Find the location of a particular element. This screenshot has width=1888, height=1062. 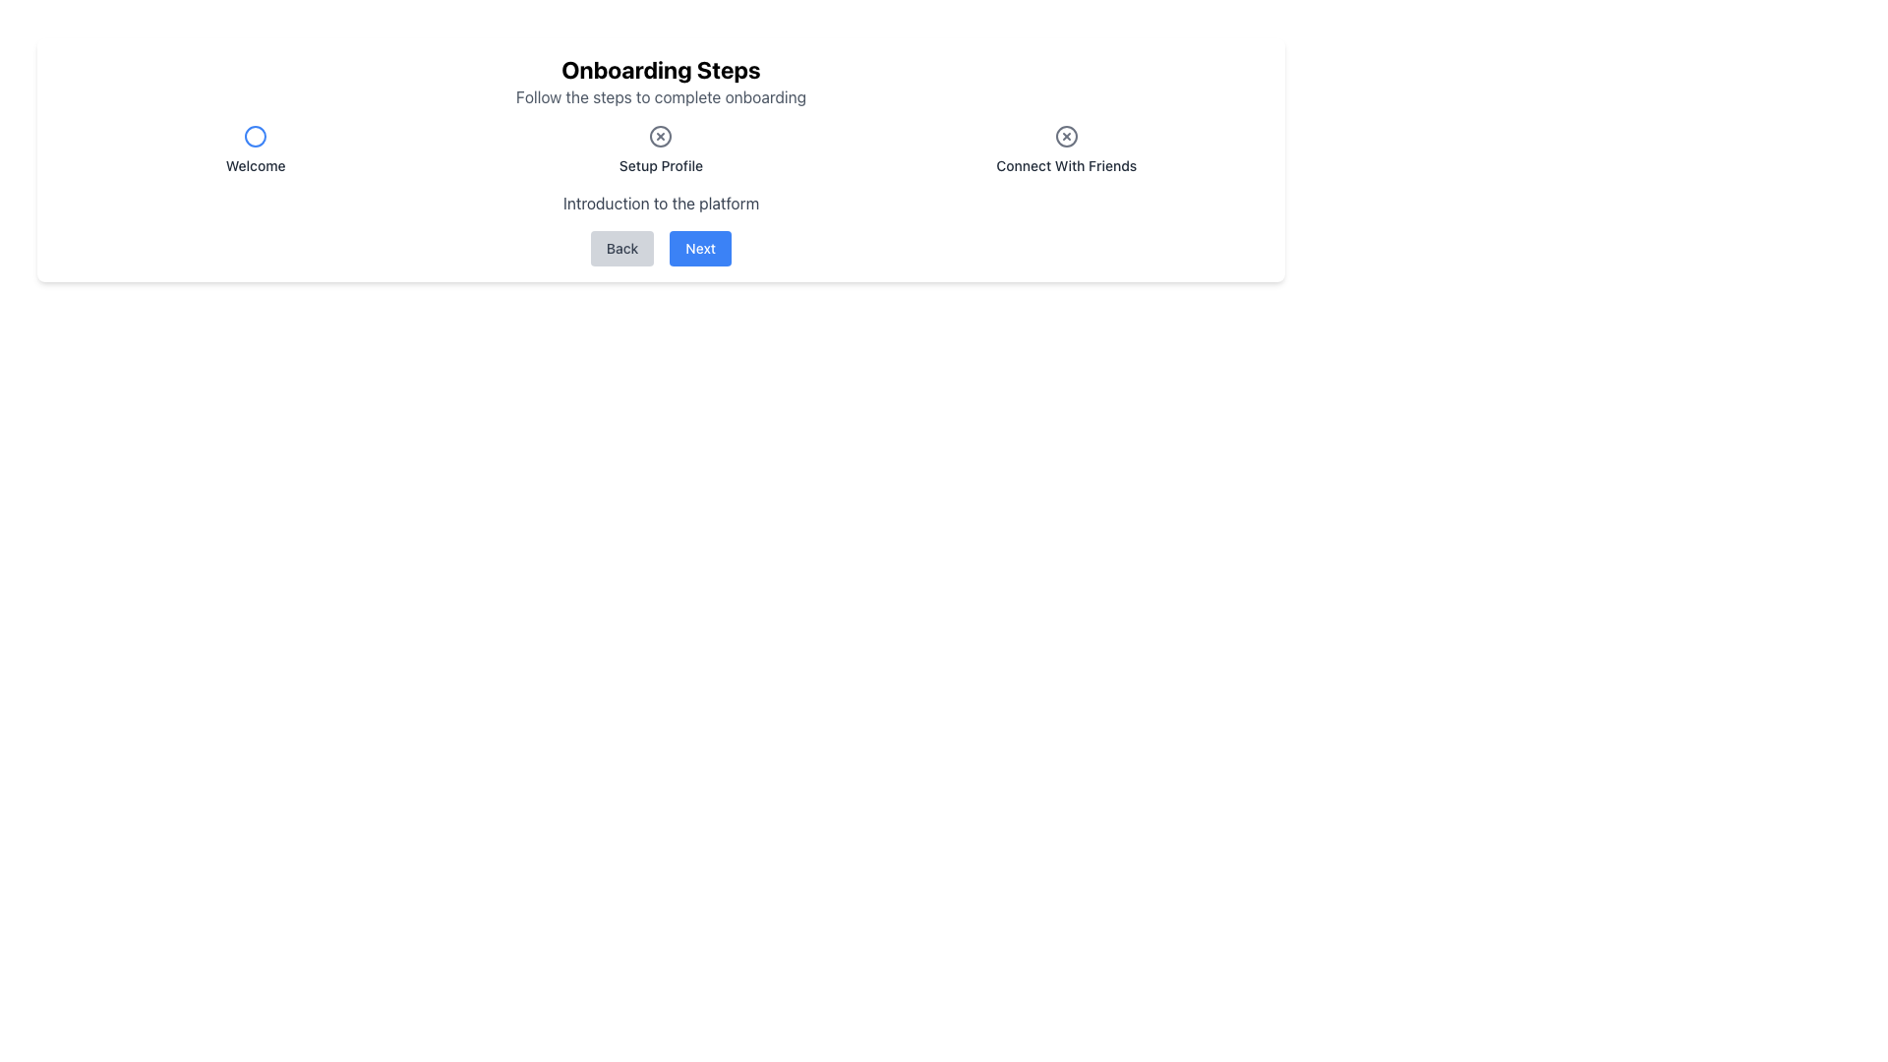

the text label that says 'Connect with Friends', which is bold and dark gray on a white background, located centrally below an icon with an 'X' in the third step of the onboarding progression is located at coordinates (1065, 165).